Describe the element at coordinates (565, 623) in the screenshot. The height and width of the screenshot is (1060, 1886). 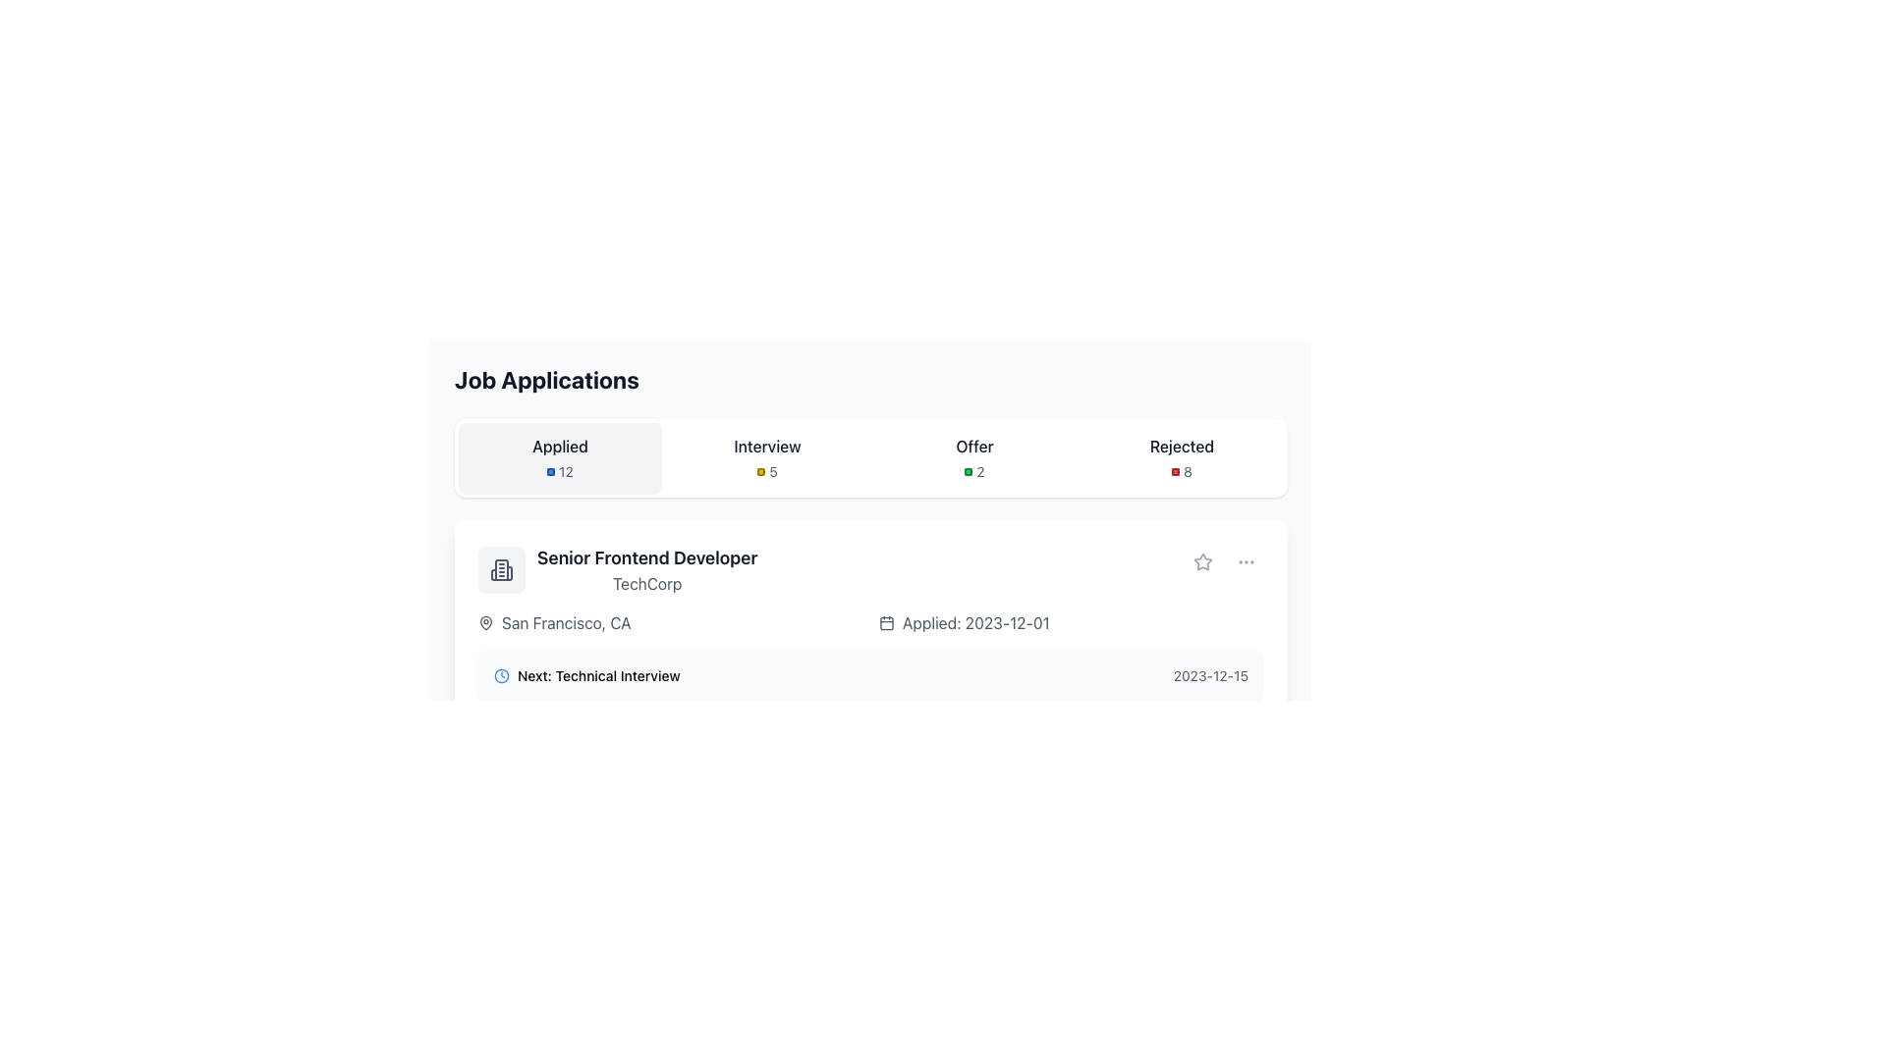
I see `the text label 'San Francisco, CA' which is styled in dark gray and positioned next to a map pin icon, as it may function as a link to a map or location-related page` at that location.